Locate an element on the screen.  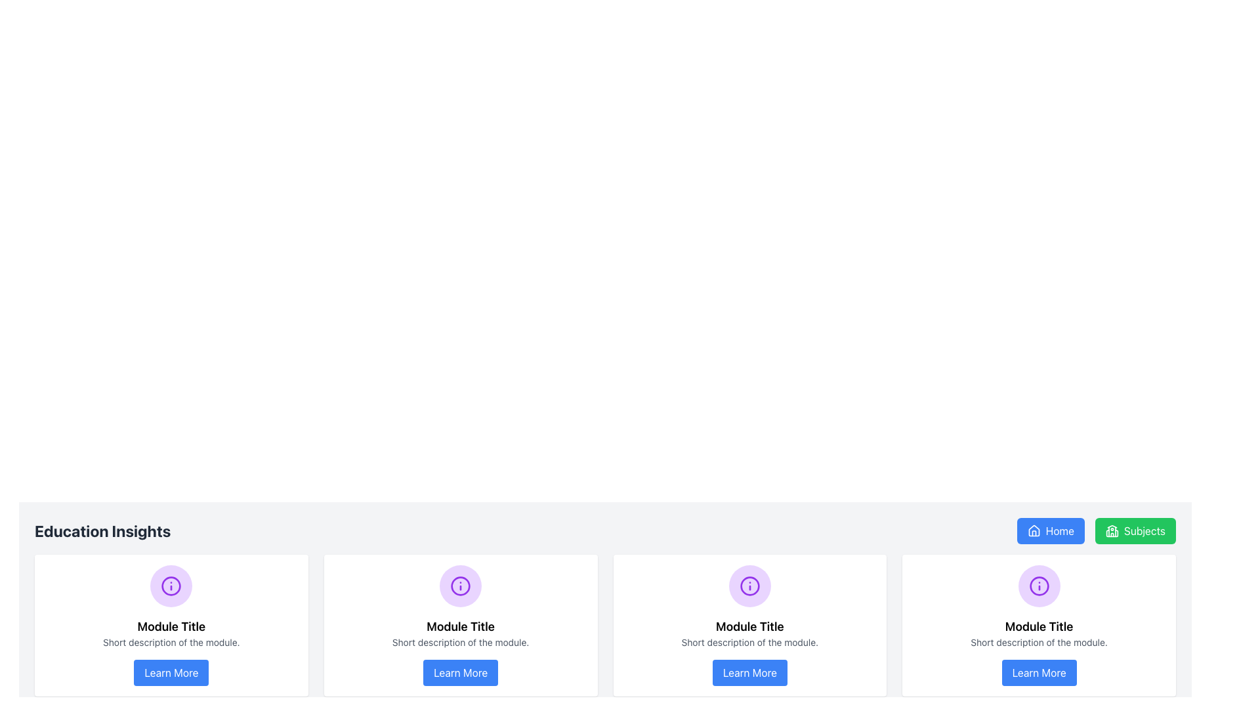
the button located at the bottom center of the third module in a horizontal list is located at coordinates (171, 673).